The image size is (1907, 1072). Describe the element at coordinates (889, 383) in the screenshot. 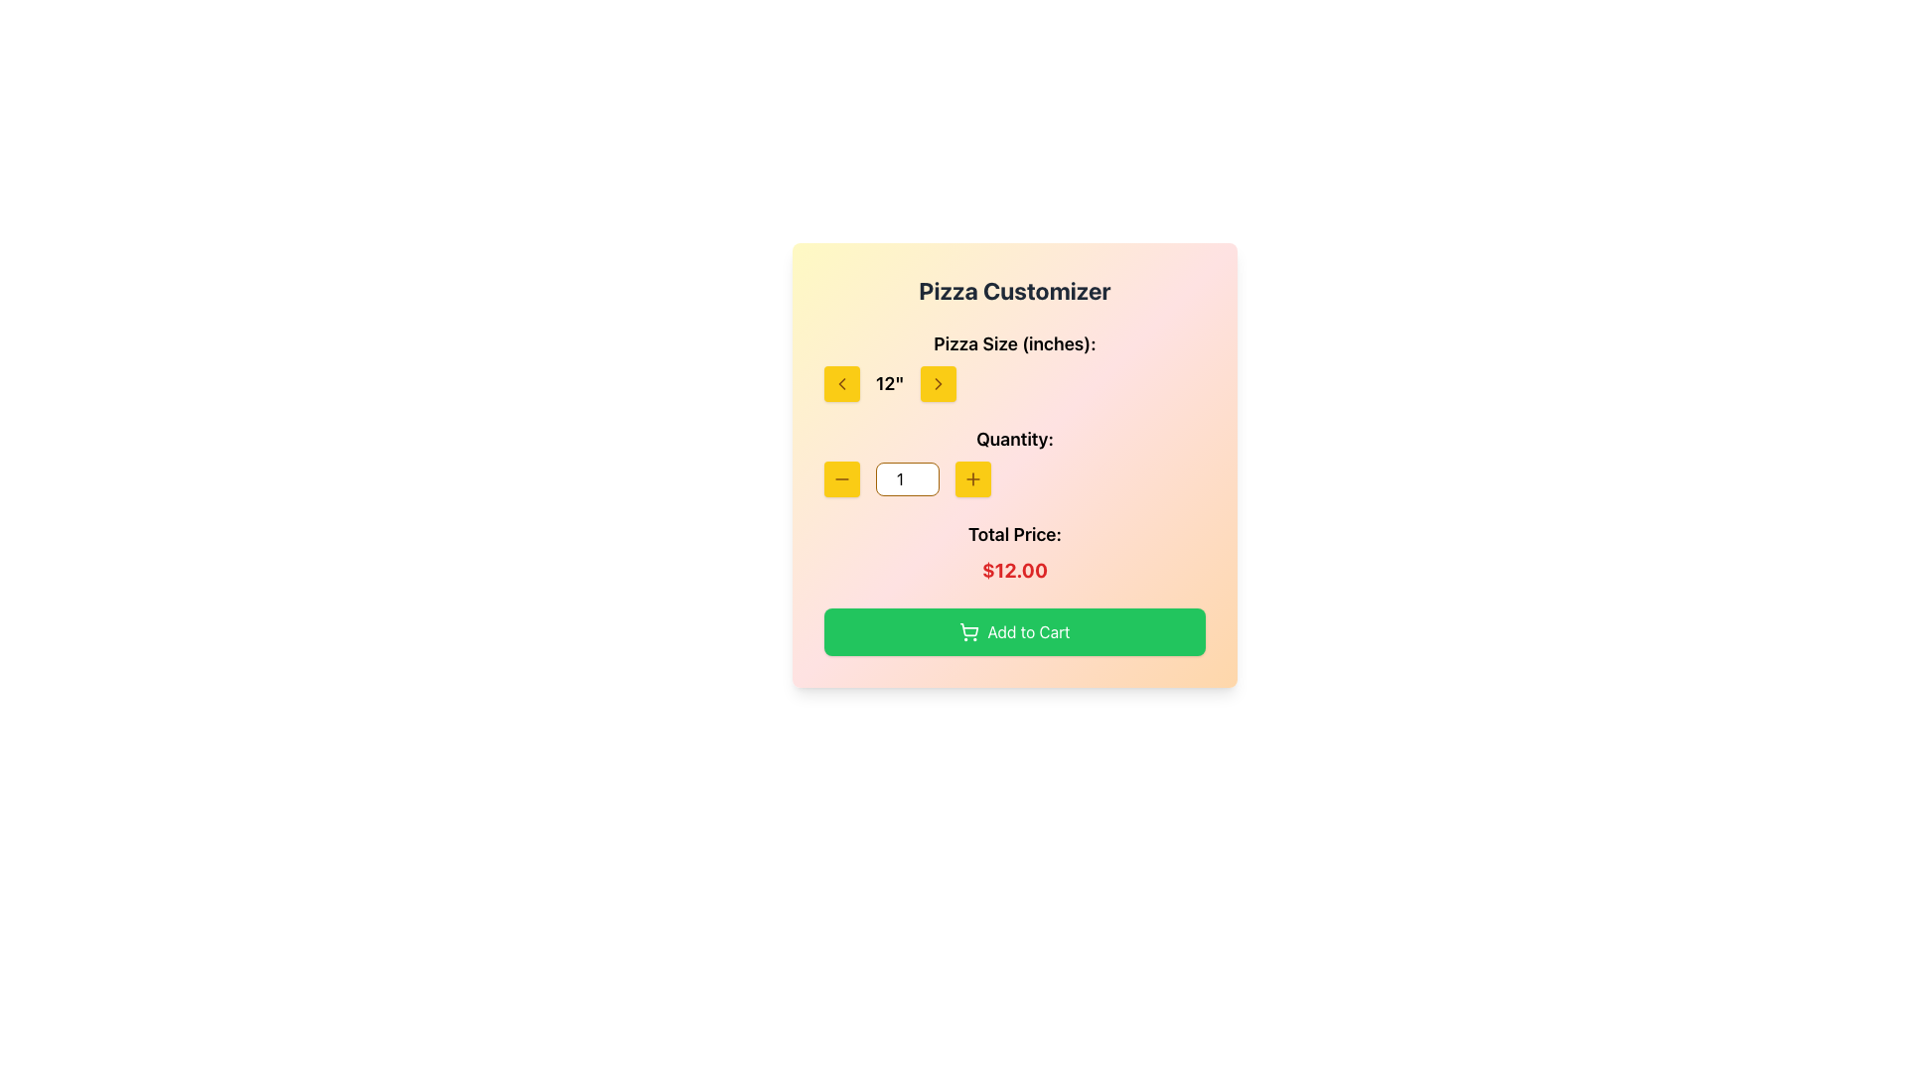

I see `the Text Display element that shows the text '12"' in bold font, located between two buttons in the pizza customizer interface` at that location.